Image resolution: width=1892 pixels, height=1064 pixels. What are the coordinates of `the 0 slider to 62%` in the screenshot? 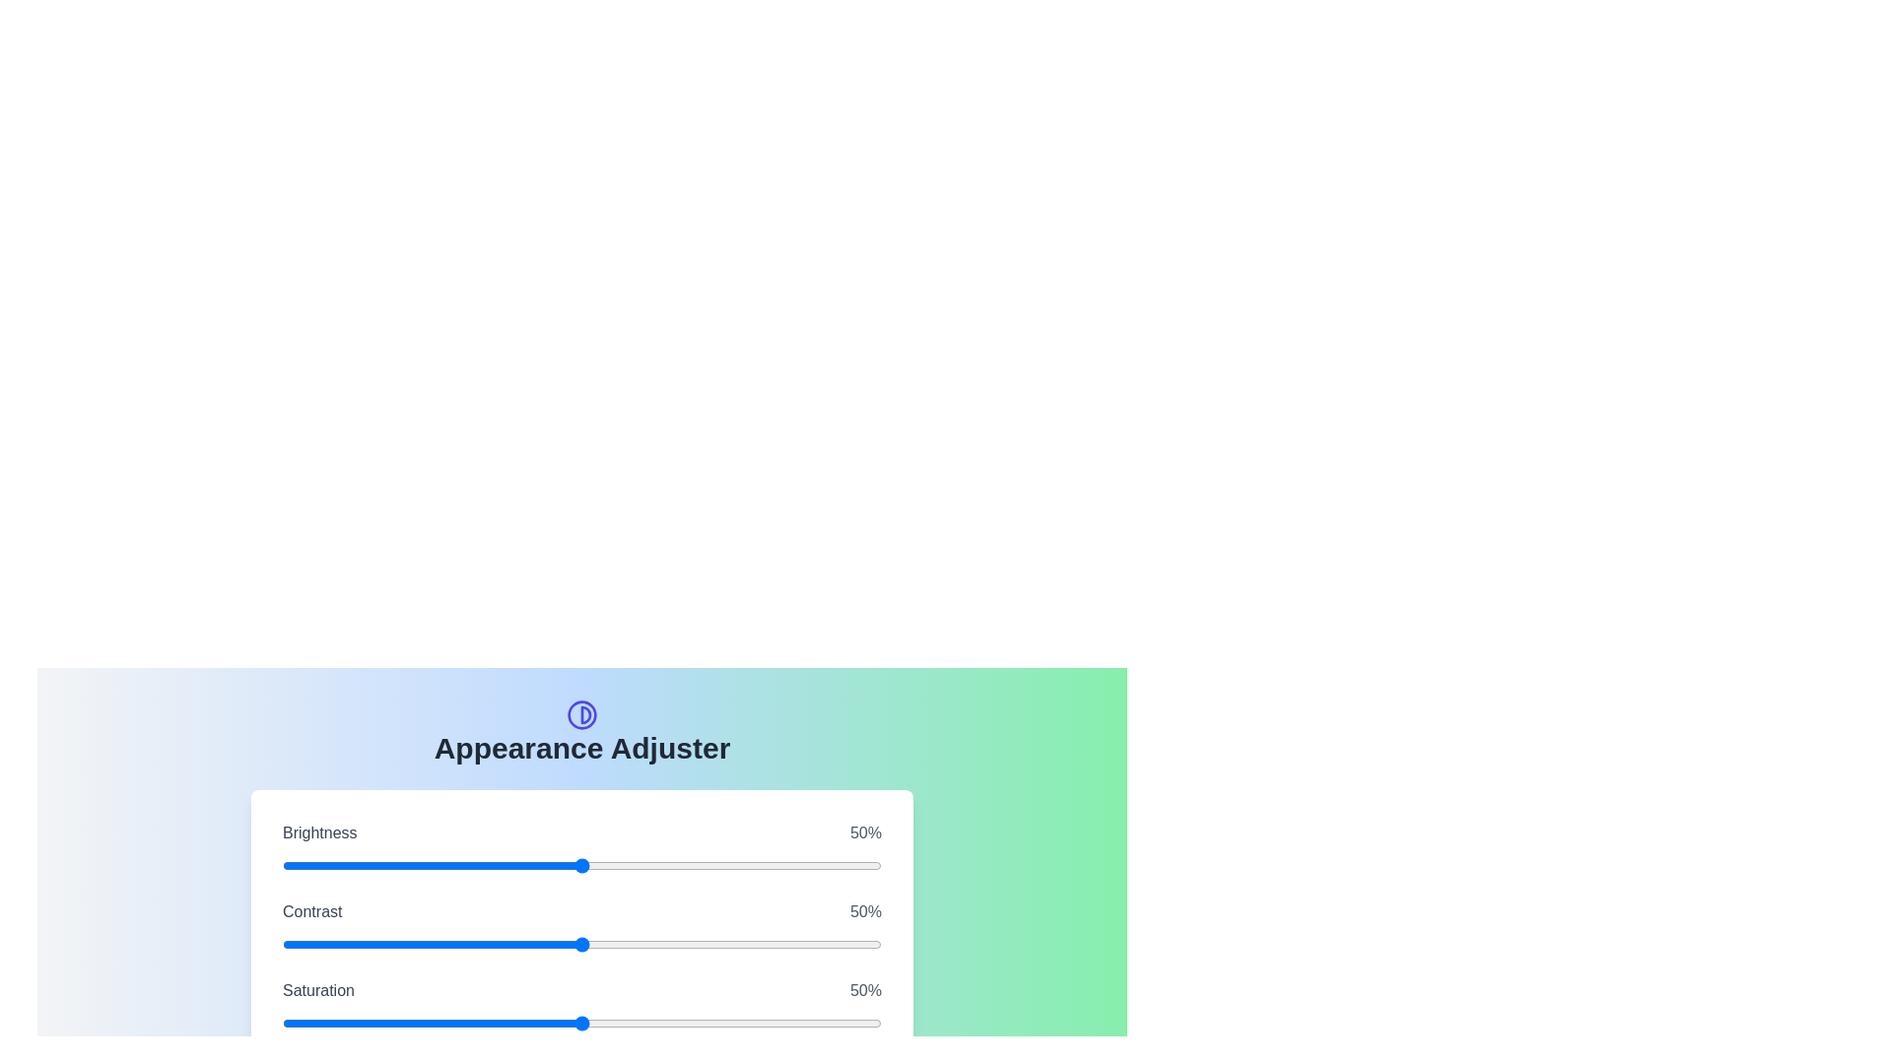 It's located at (767, 865).